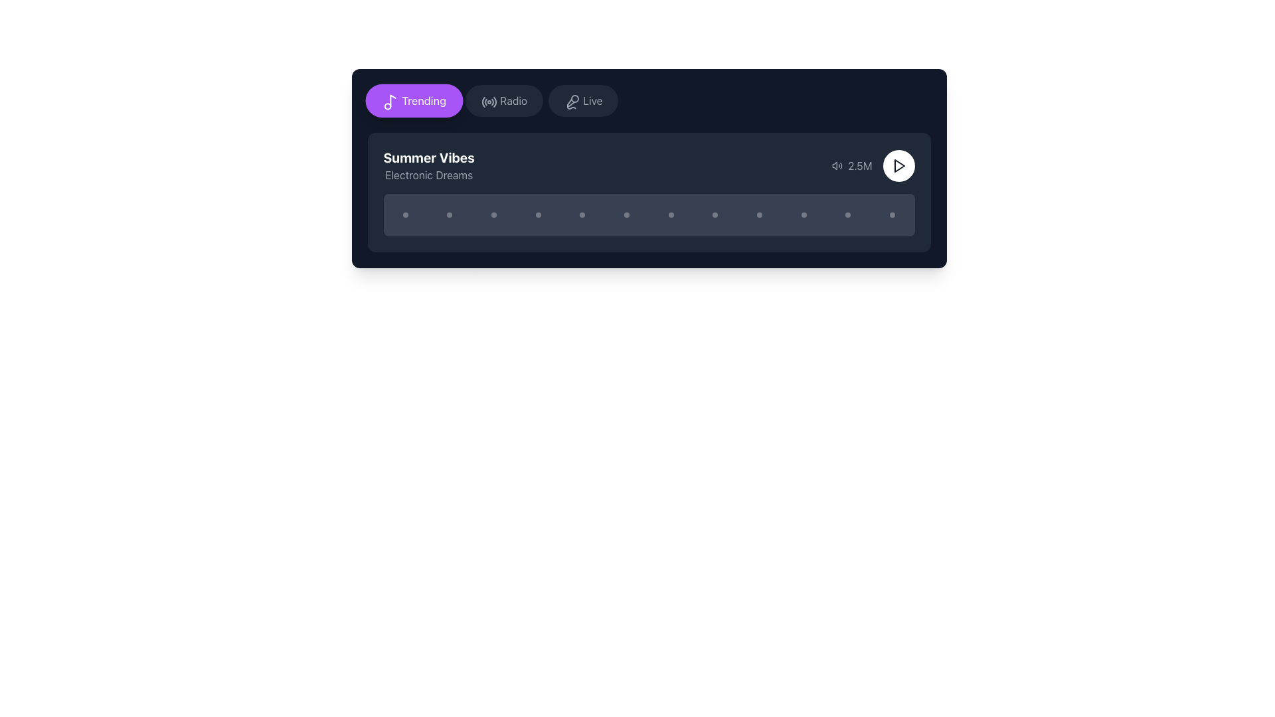 This screenshot has height=717, width=1275. What do you see at coordinates (503, 100) in the screenshot?
I see `the 'Radio' button, which is a dark rounded rectangular button with a radio transmission icon, positioned between the 'Trending' and 'Live' buttons` at bounding box center [503, 100].